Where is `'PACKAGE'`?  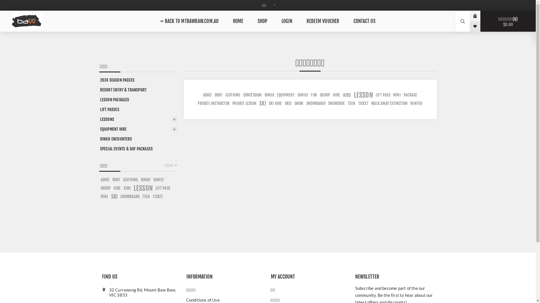 'PACKAGE' is located at coordinates (410, 95).